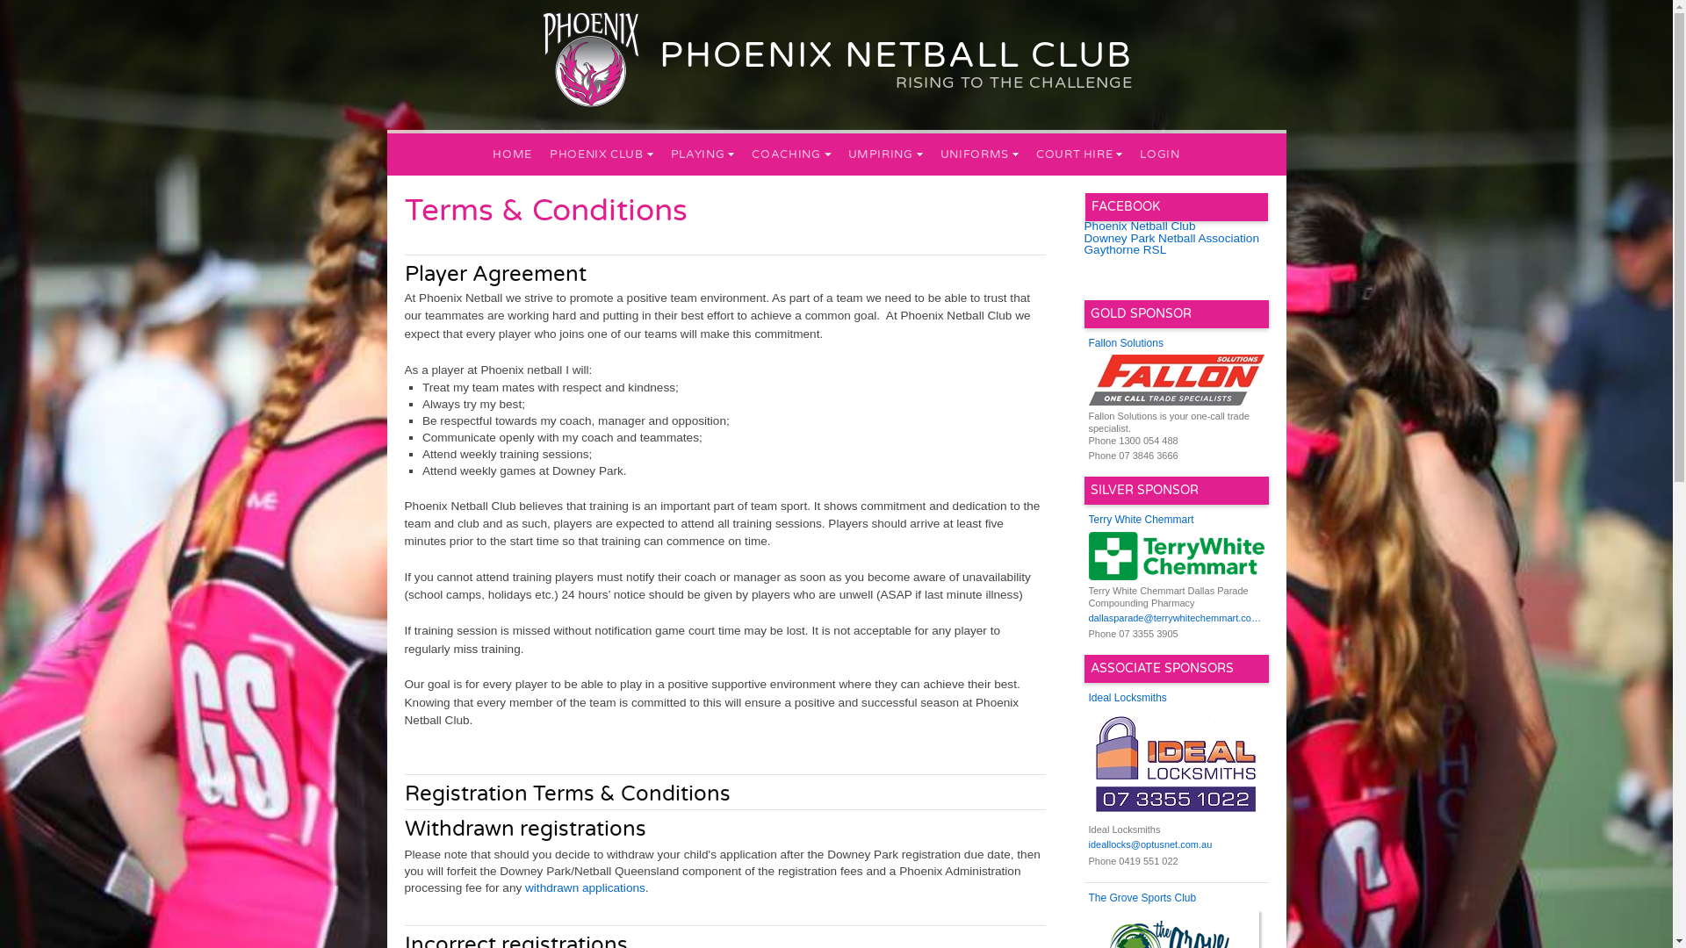  I want to click on 'ideallocks@optusnet.com.au', so click(1176, 844).